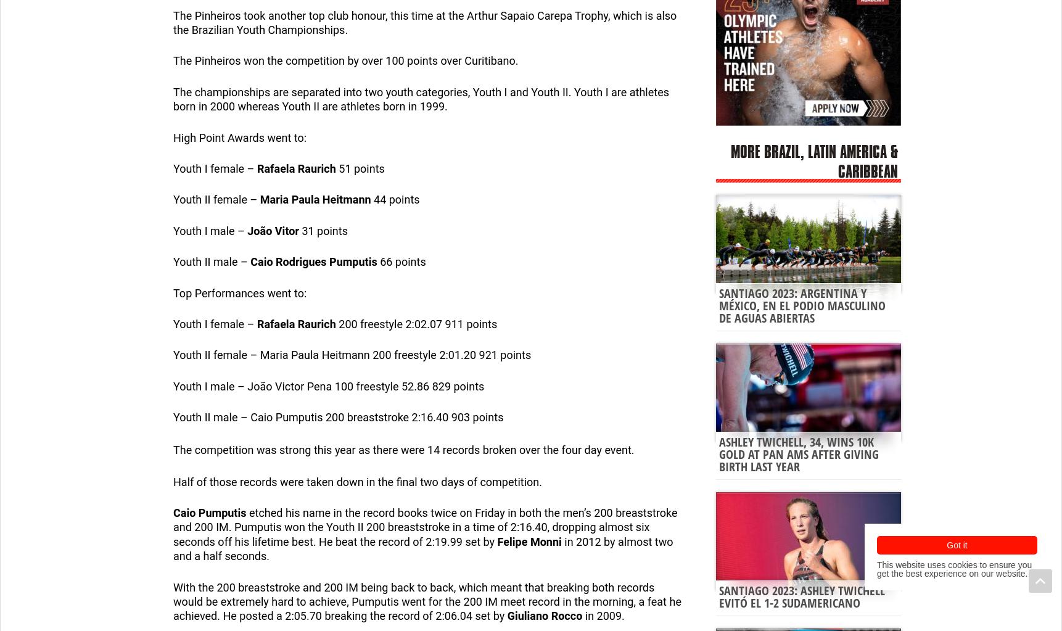 This screenshot has width=1062, height=631. I want to click on 'Caio Rodrigues Pumputis', so click(313, 262).